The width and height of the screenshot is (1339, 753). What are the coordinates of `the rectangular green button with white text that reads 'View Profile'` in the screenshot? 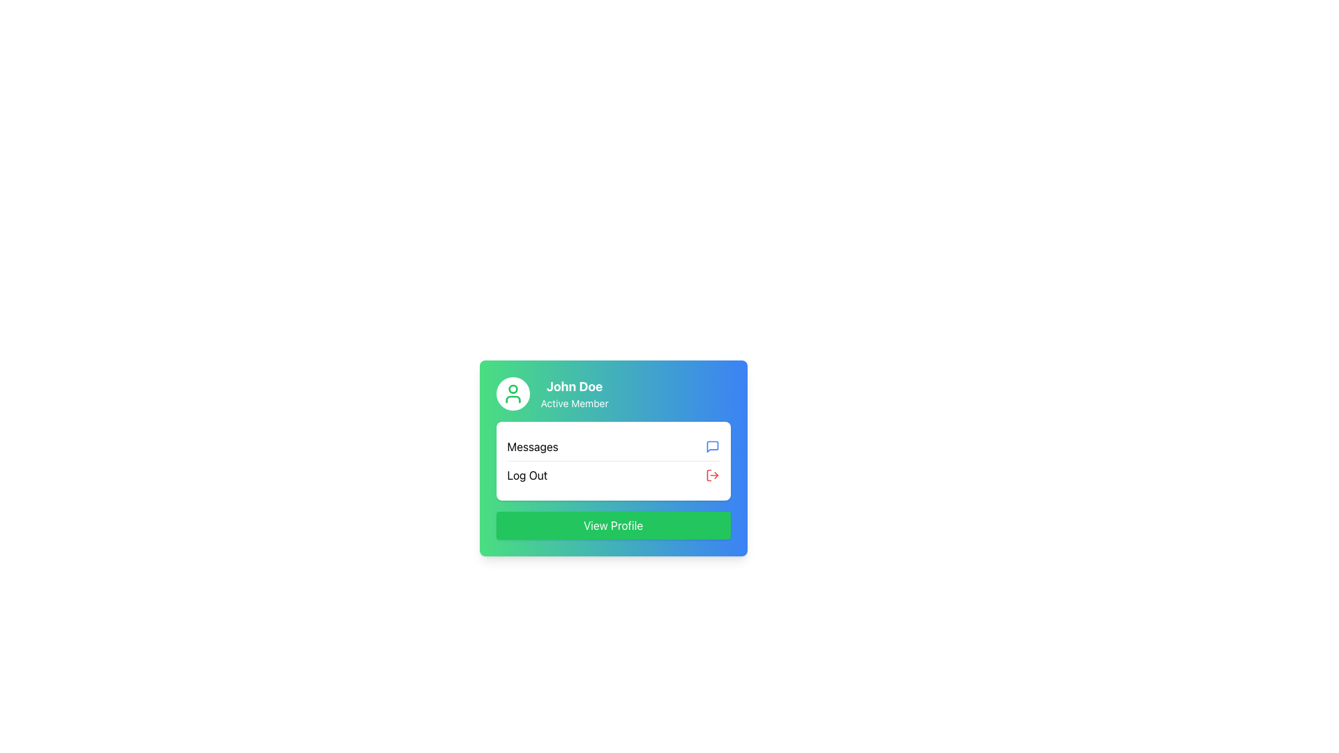 It's located at (613, 525).